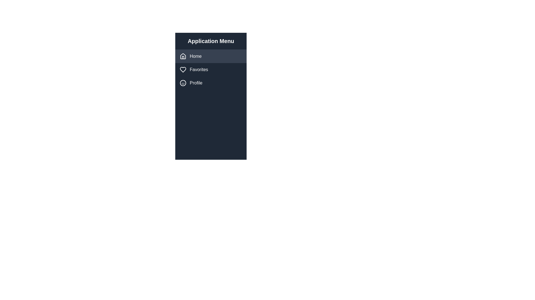 This screenshot has height=300, width=535. What do you see at coordinates (211, 41) in the screenshot?
I see `the static text header located at the top of the left-hand sidebar, which labels the menu section of the application` at bounding box center [211, 41].